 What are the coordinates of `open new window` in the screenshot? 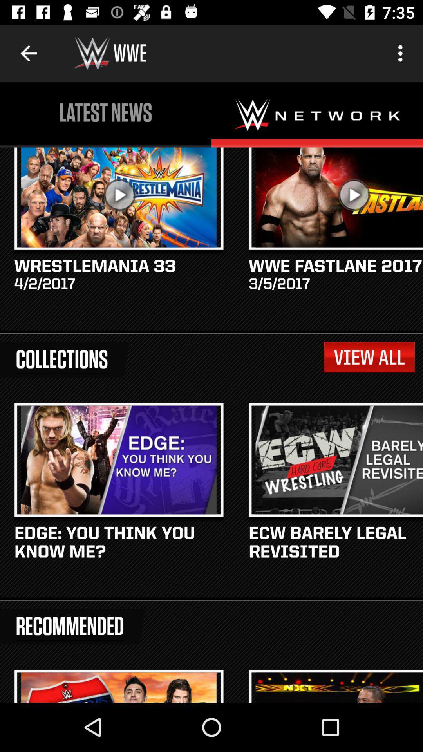 It's located at (317, 114).